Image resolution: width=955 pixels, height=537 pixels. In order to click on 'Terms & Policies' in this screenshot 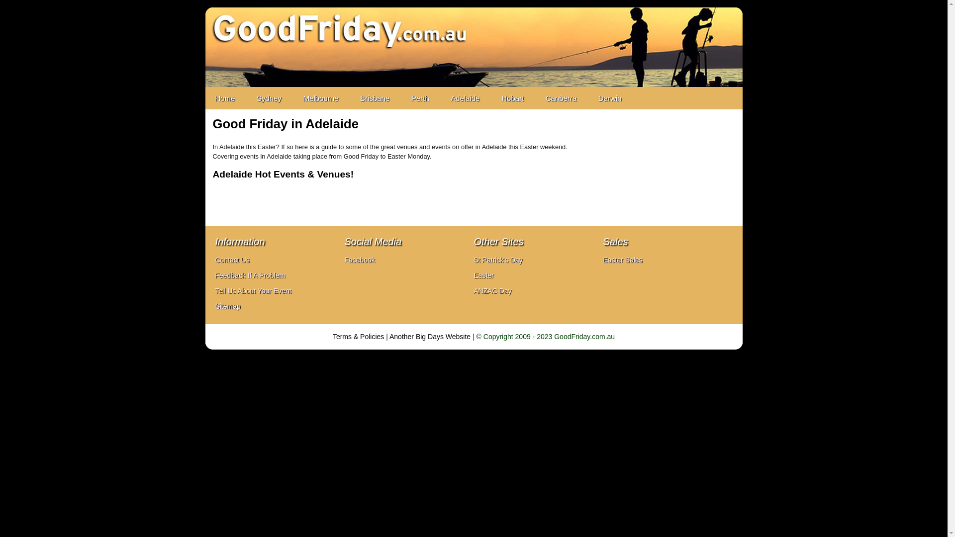, I will do `click(332, 336)`.